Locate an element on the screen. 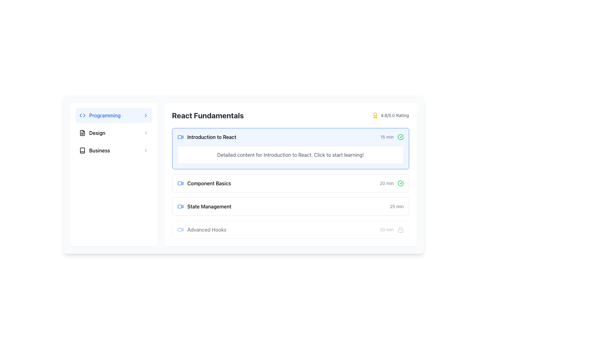 The width and height of the screenshot is (602, 338). the circular green outlined icon with a checkmark inside, indicating a completed status, which is located adjacent to the text '20 min' is located at coordinates (400, 183).